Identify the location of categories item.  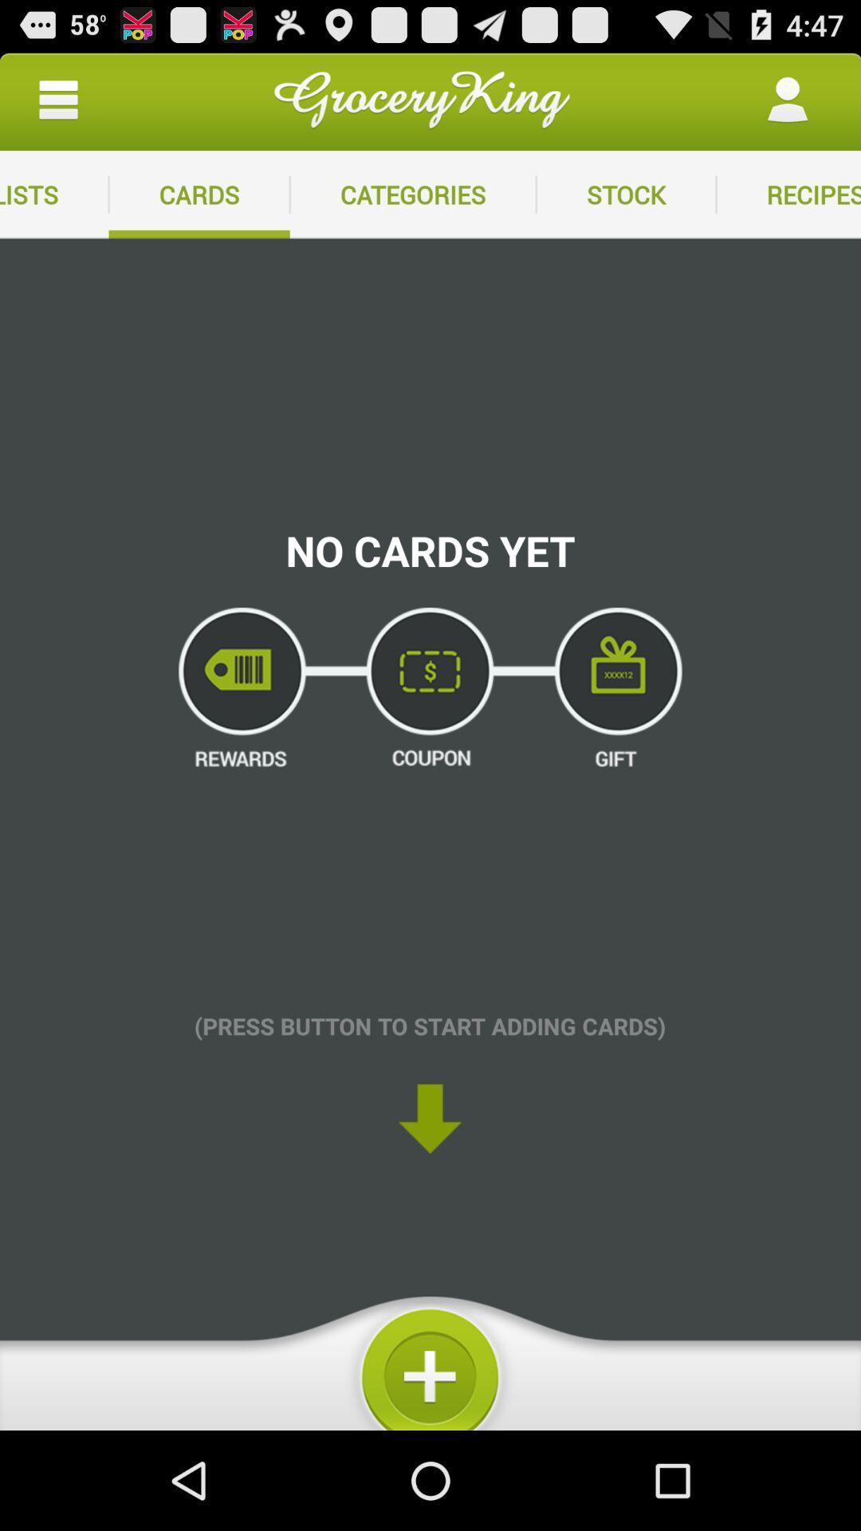
(412, 194).